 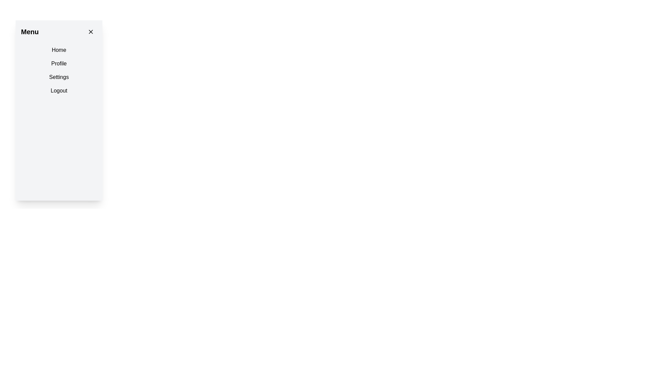 What do you see at coordinates (59, 90) in the screenshot?
I see `the 'Logout' text button located at the bottom of the menu list` at bounding box center [59, 90].